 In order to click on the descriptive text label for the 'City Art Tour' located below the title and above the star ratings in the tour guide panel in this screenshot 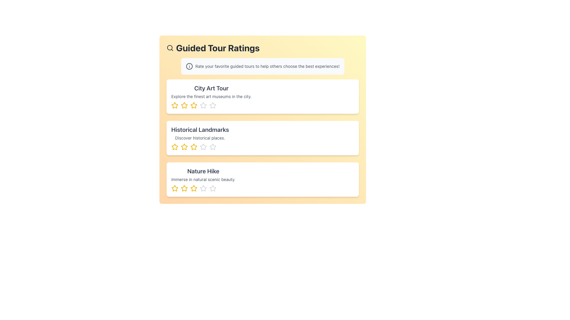, I will do `click(211, 96)`.